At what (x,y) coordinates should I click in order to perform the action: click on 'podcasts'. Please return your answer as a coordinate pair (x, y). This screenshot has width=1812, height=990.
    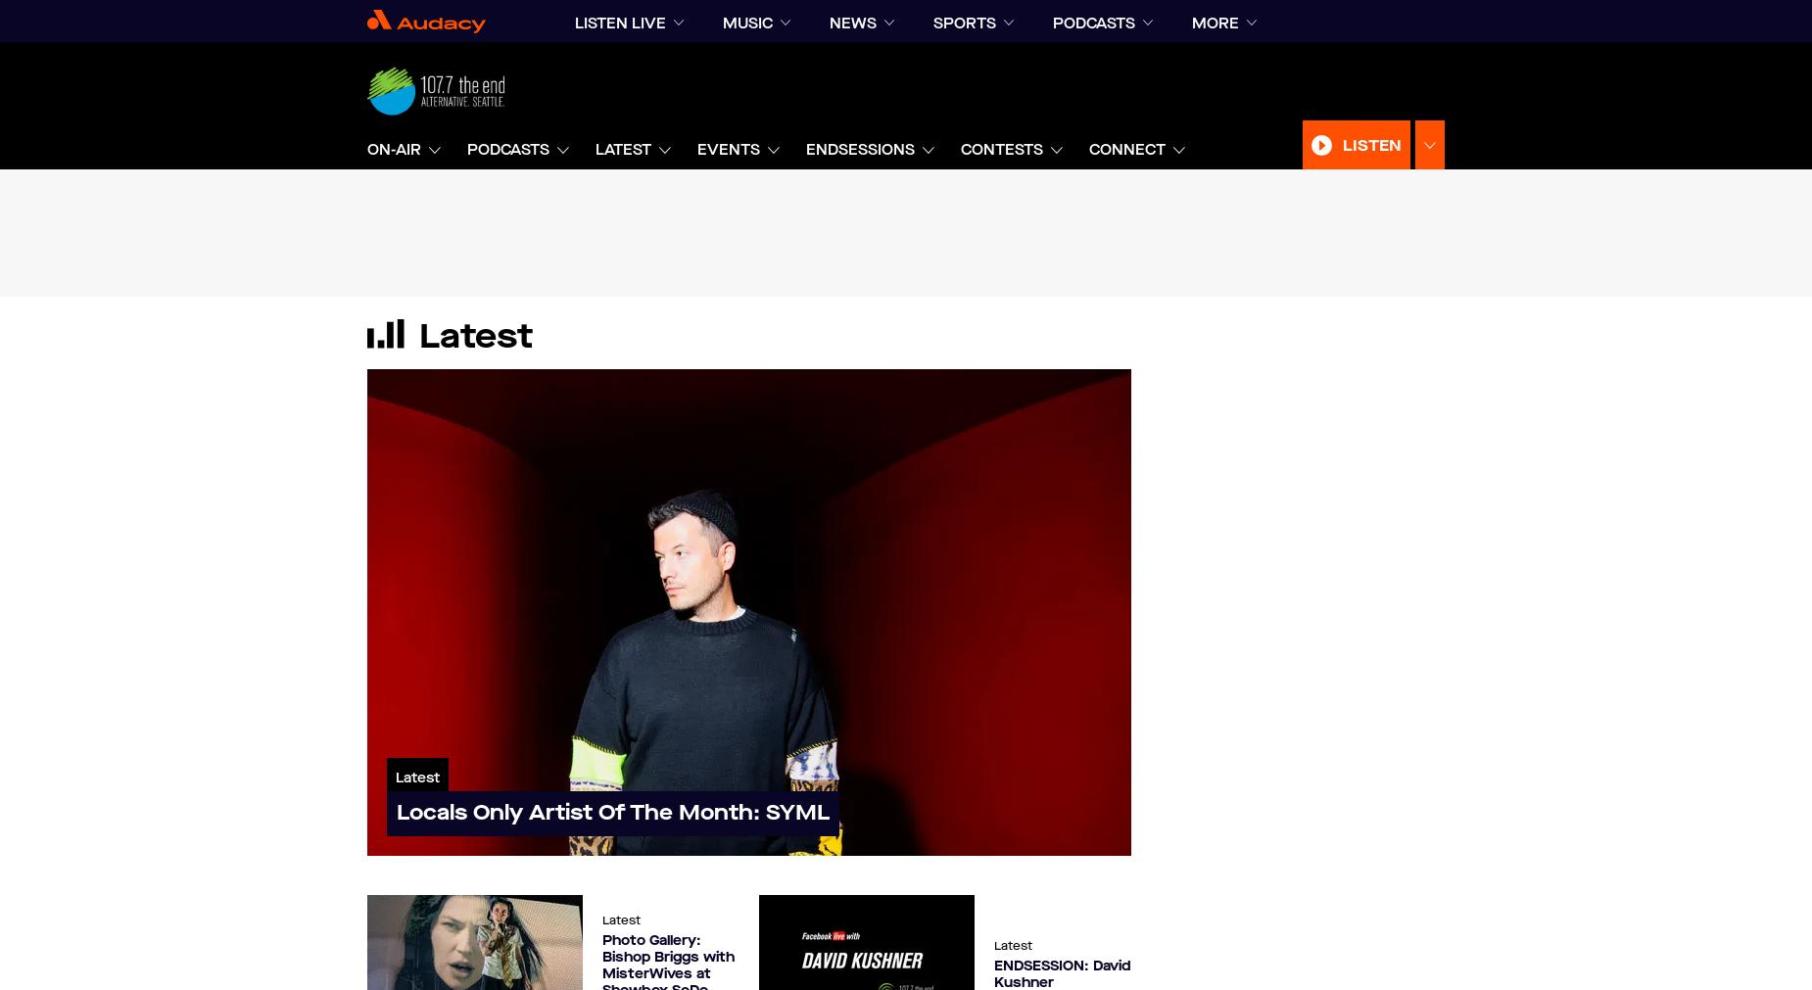
    Looking at the image, I should click on (1093, 22).